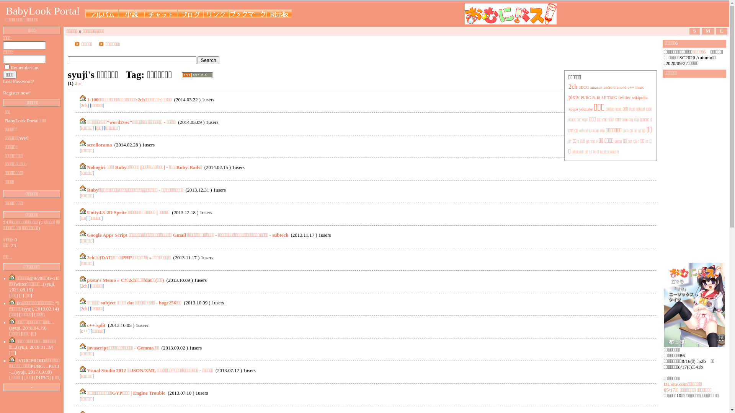 This screenshot has height=413, width=735. I want to click on 'xoops', so click(568, 109).